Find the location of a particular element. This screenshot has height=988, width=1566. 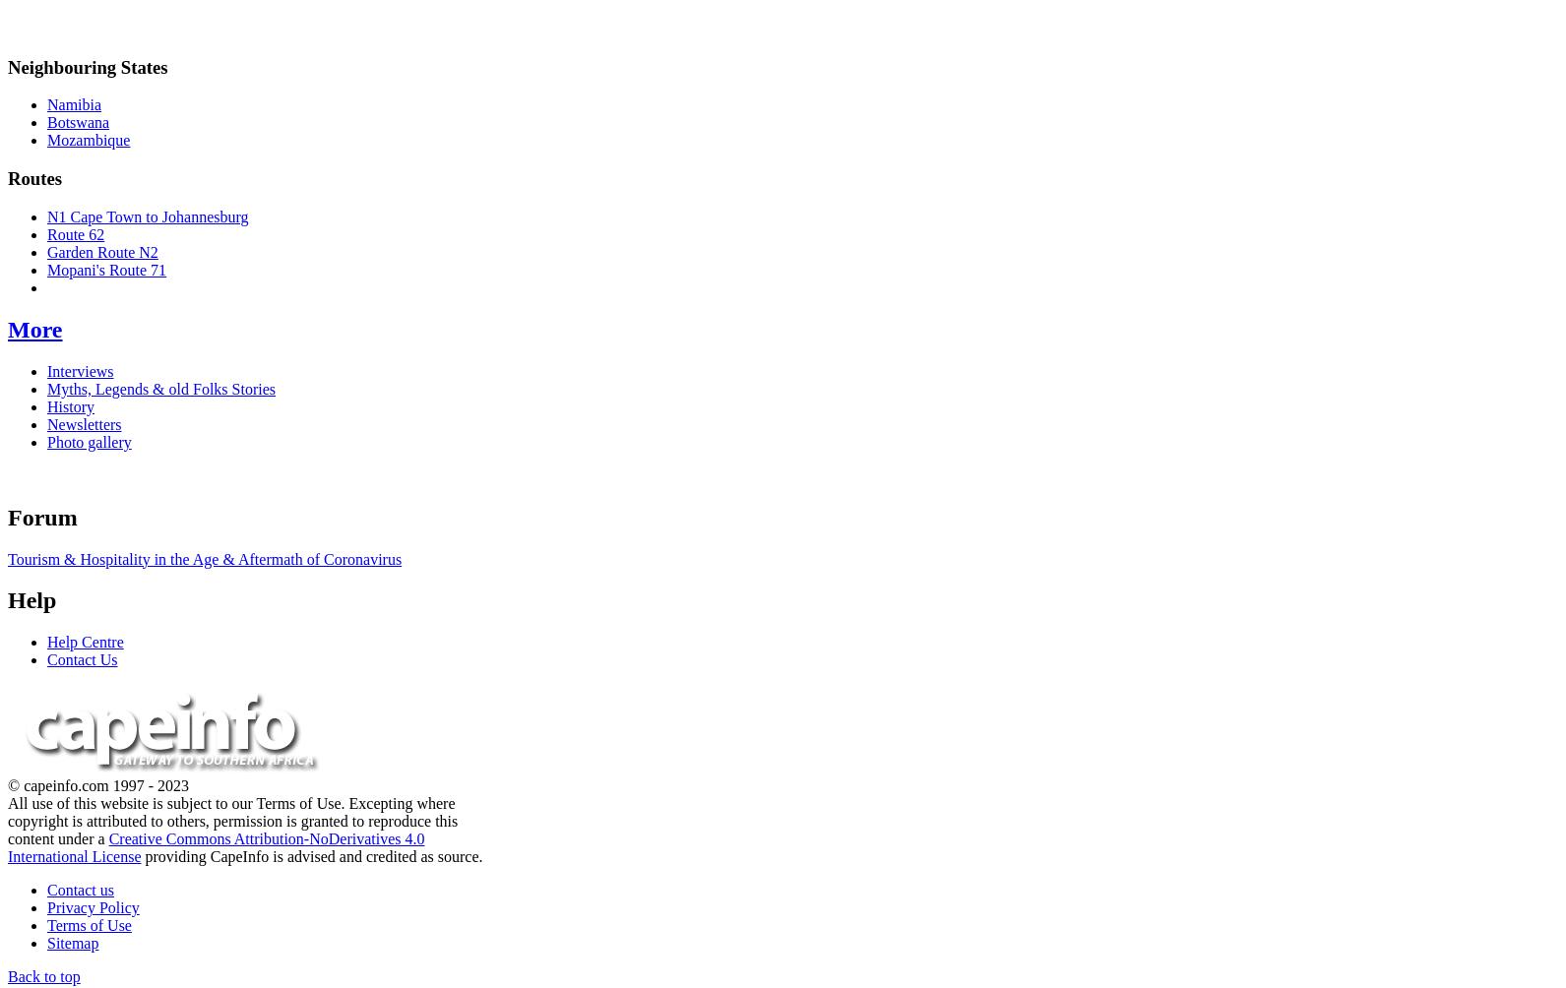

'Neighbouring States' is located at coordinates (7, 66).